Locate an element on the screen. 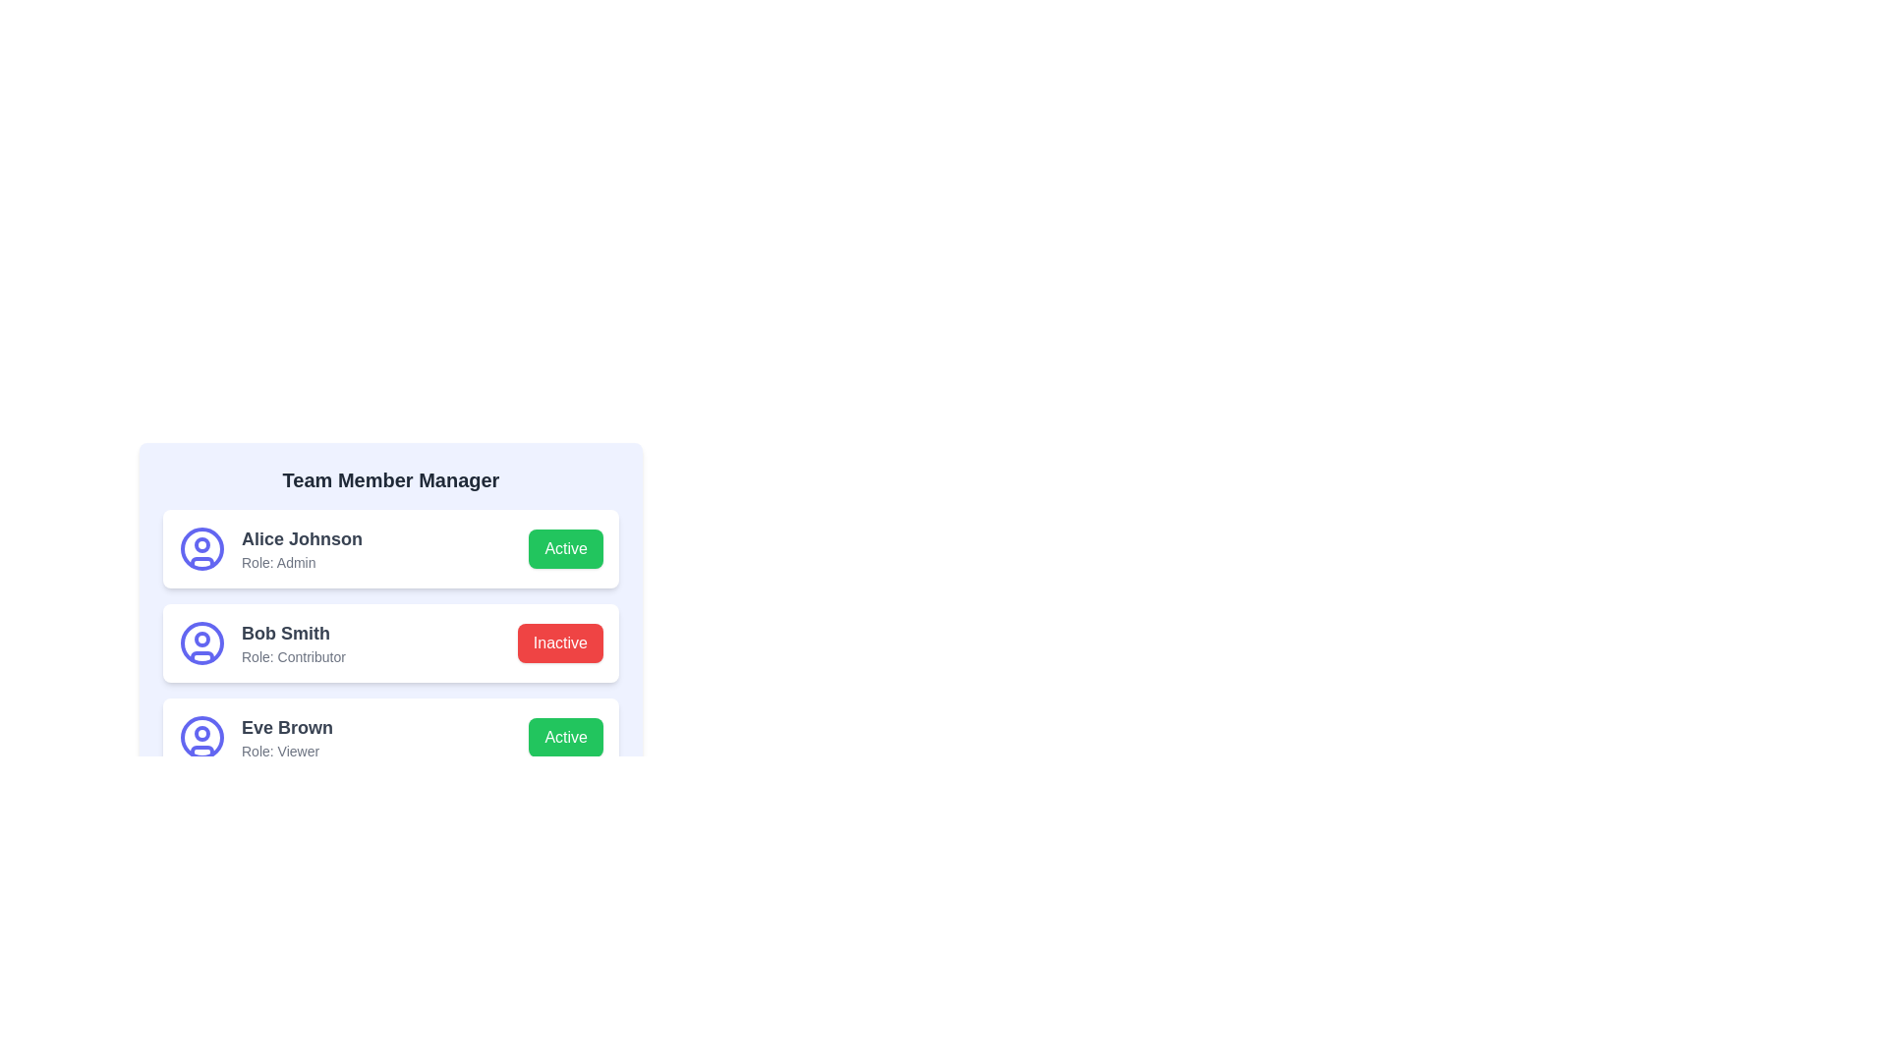  the user information element displaying 'Eve Brown' and their role 'Viewer', which includes an icon with a blue outline on the left is located at coordinates (255, 738).